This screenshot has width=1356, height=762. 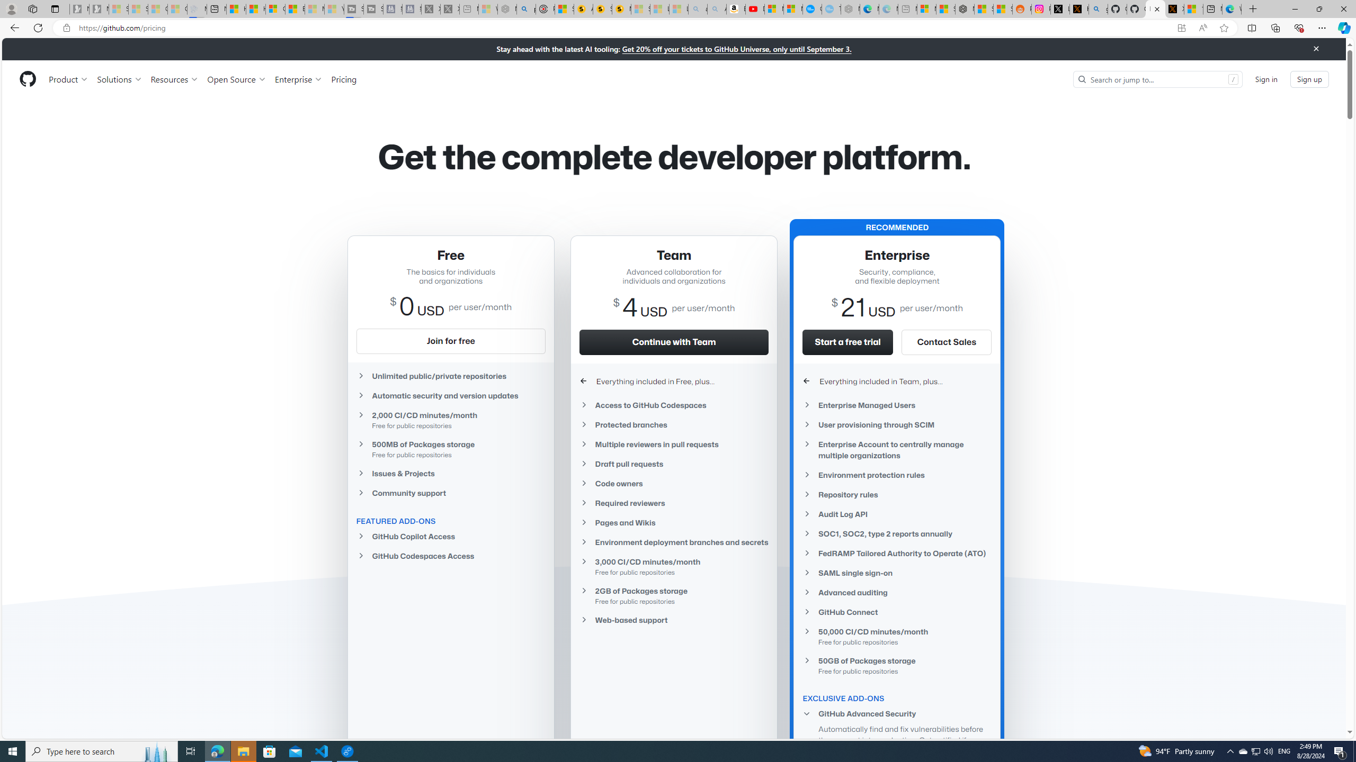 What do you see at coordinates (449, 375) in the screenshot?
I see `'Unlimited public/private repositories'` at bounding box center [449, 375].